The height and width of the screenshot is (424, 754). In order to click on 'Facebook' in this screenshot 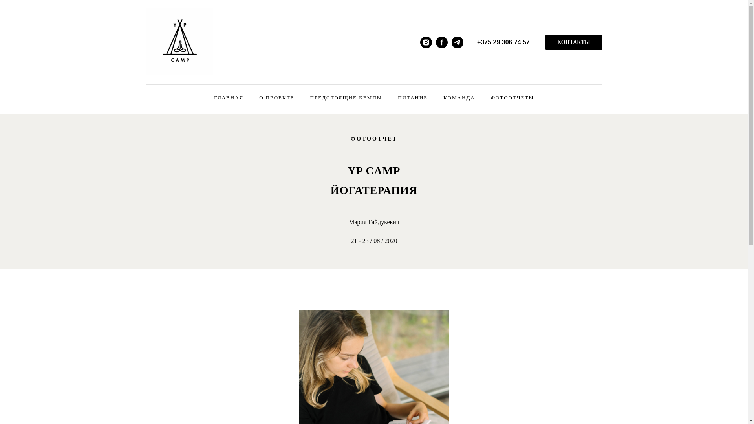, I will do `click(441, 42)`.